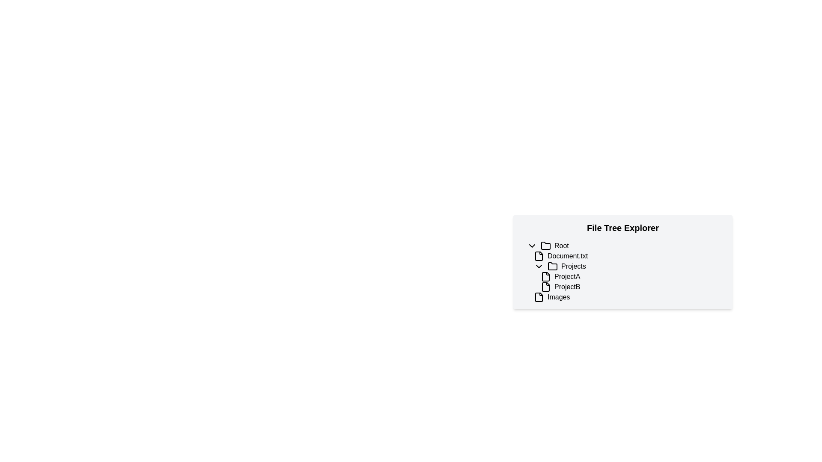 This screenshot has height=462, width=822. I want to click on the down-pointing chevron icon located immediately to the left of the 'Projects' label in the file tree, so click(538, 266).